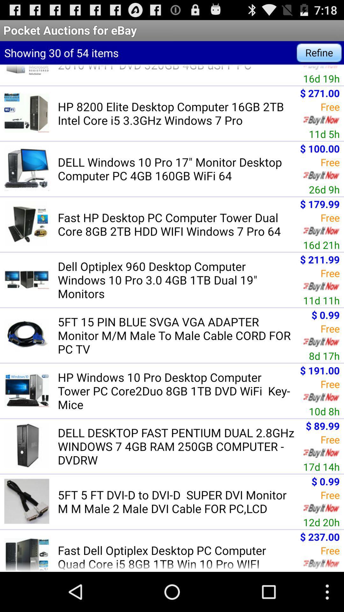 This screenshot has height=612, width=344. What do you see at coordinates (321, 522) in the screenshot?
I see `app next to the 5ft 5 ft` at bounding box center [321, 522].